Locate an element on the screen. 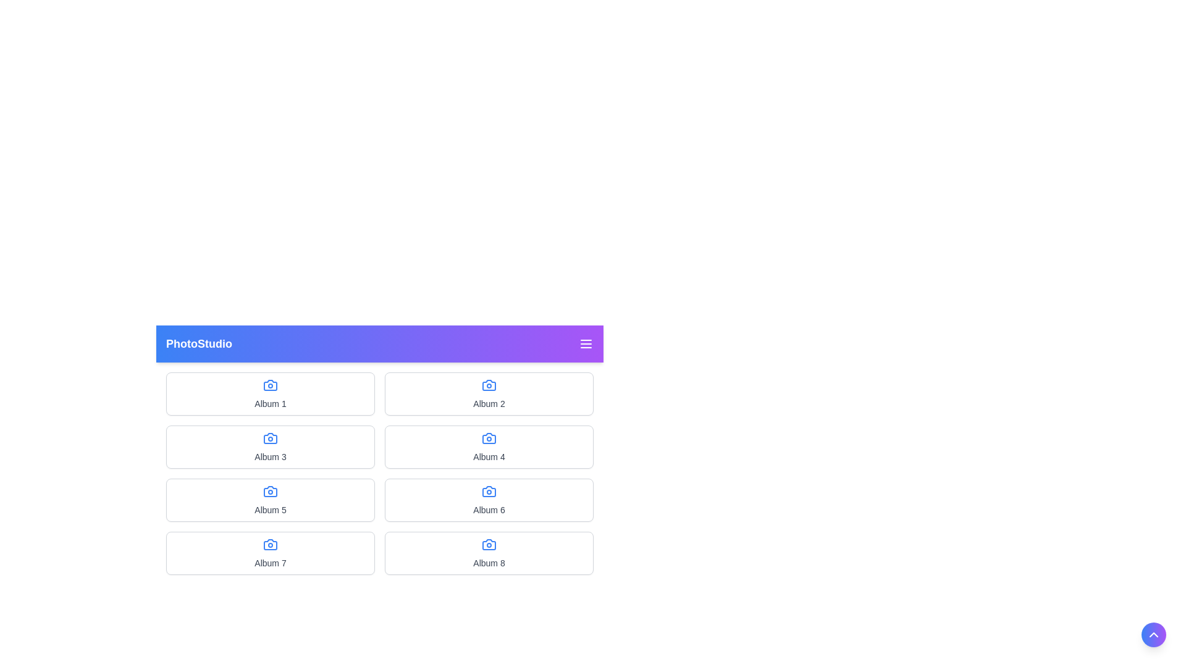  the blue camera icon, which is a rounded rectangular shape with a circle in the middle, located above the text 'Album 3' is located at coordinates (269, 437).